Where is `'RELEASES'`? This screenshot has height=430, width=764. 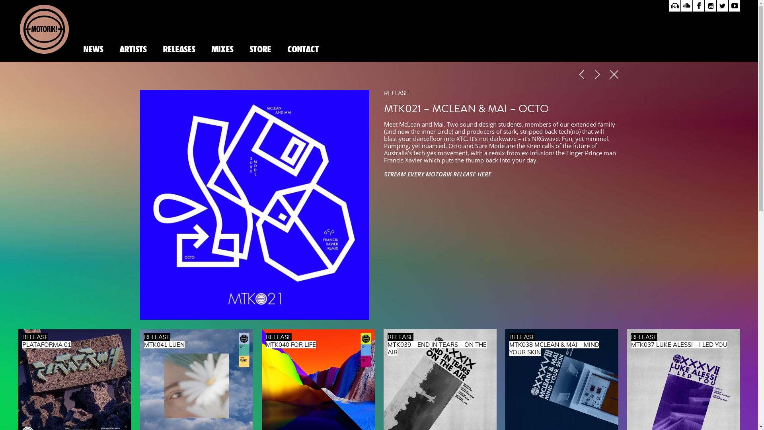 'RELEASES' is located at coordinates (178, 48).